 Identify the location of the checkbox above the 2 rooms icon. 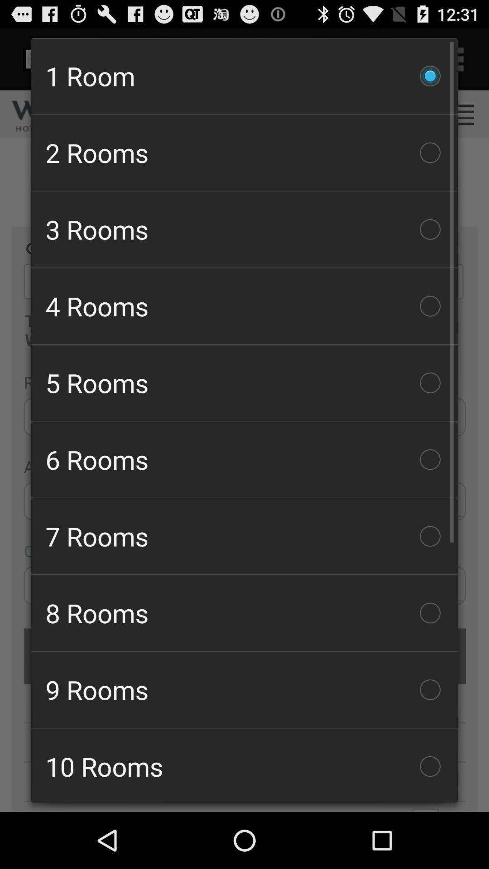
(244, 76).